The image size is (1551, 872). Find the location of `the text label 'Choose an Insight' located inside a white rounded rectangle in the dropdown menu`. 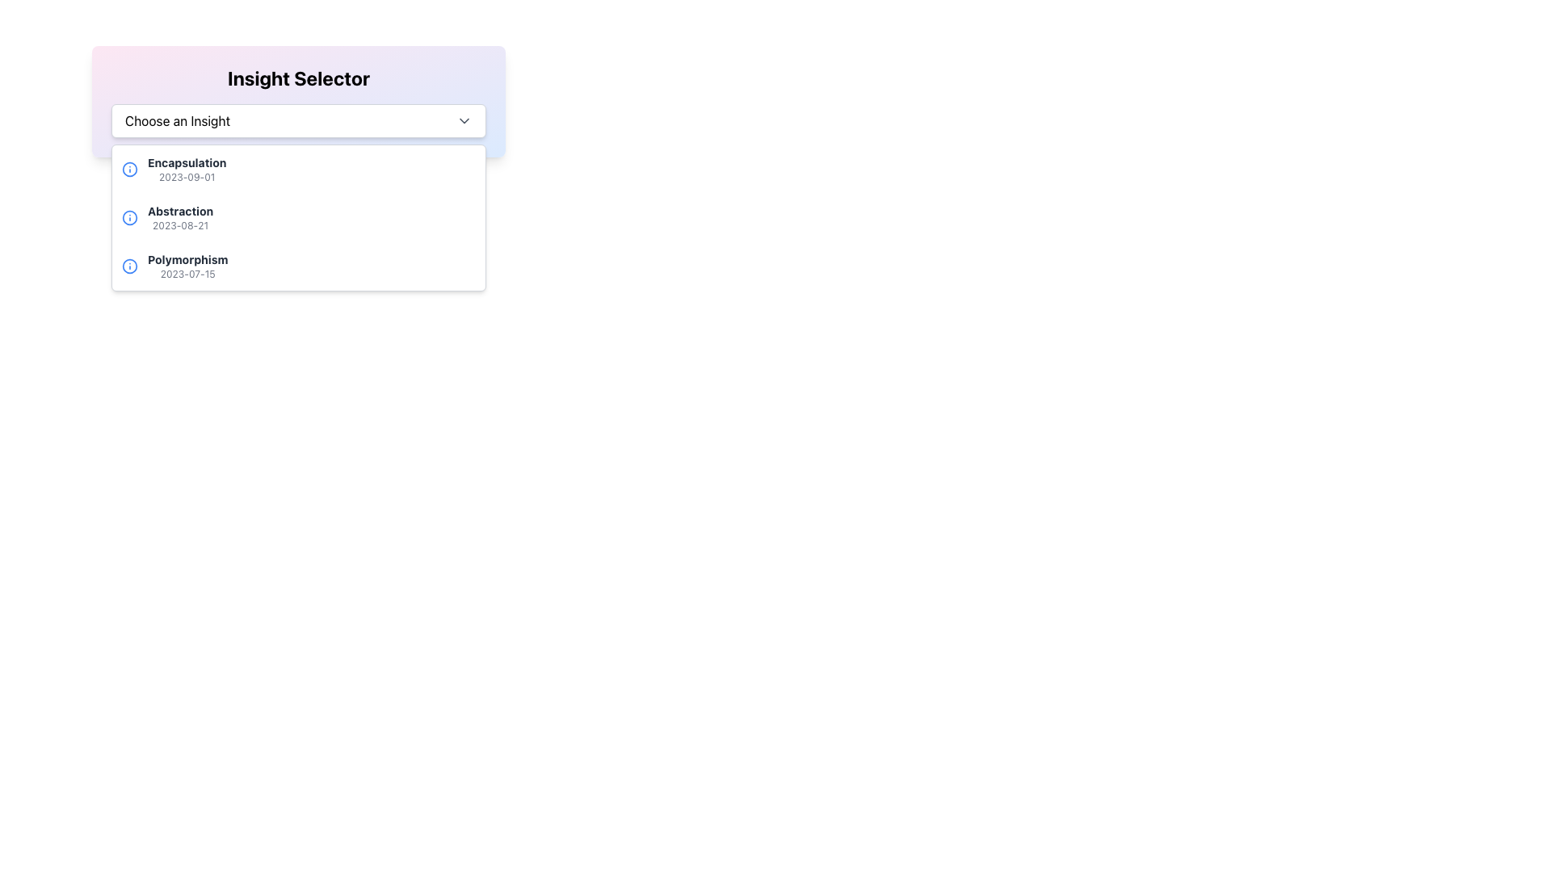

the text label 'Choose an Insight' located inside a white rounded rectangle in the dropdown menu is located at coordinates (178, 120).